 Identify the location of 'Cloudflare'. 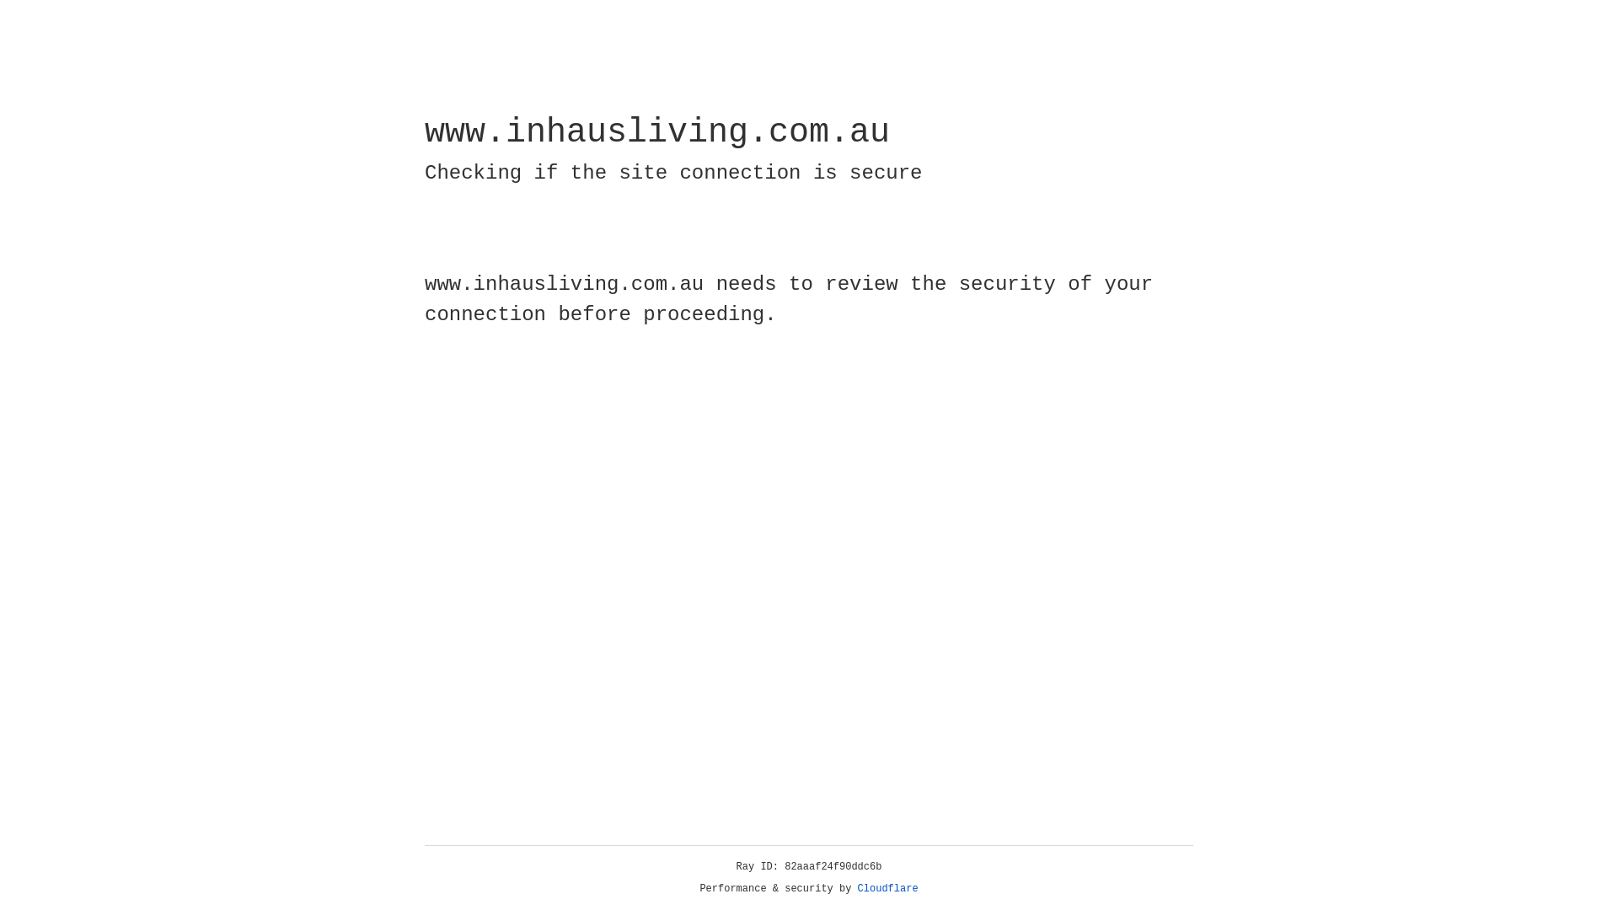
(887, 888).